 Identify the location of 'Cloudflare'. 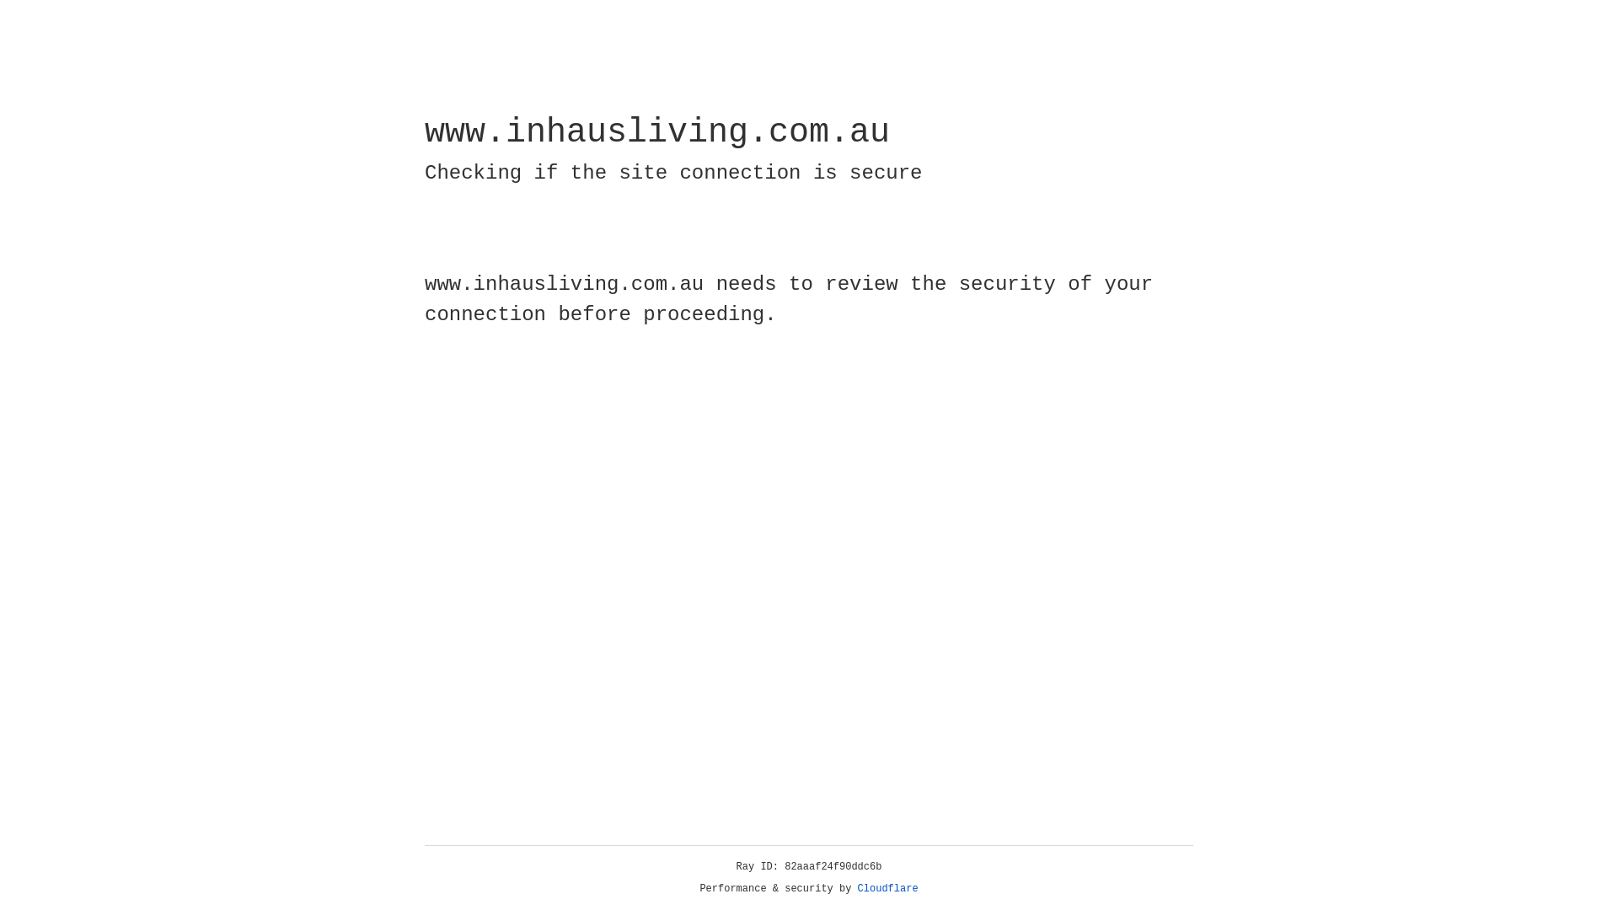
(887, 888).